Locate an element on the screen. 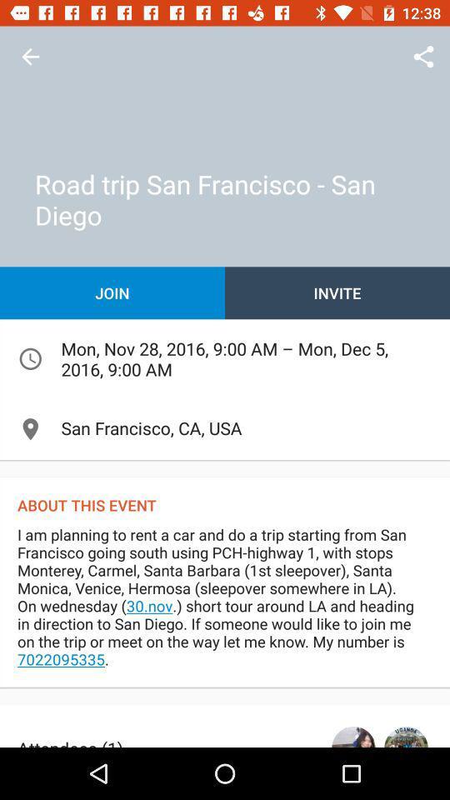 The height and width of the screenshot is (800, 450). invite is located at coordinates (337, 292).